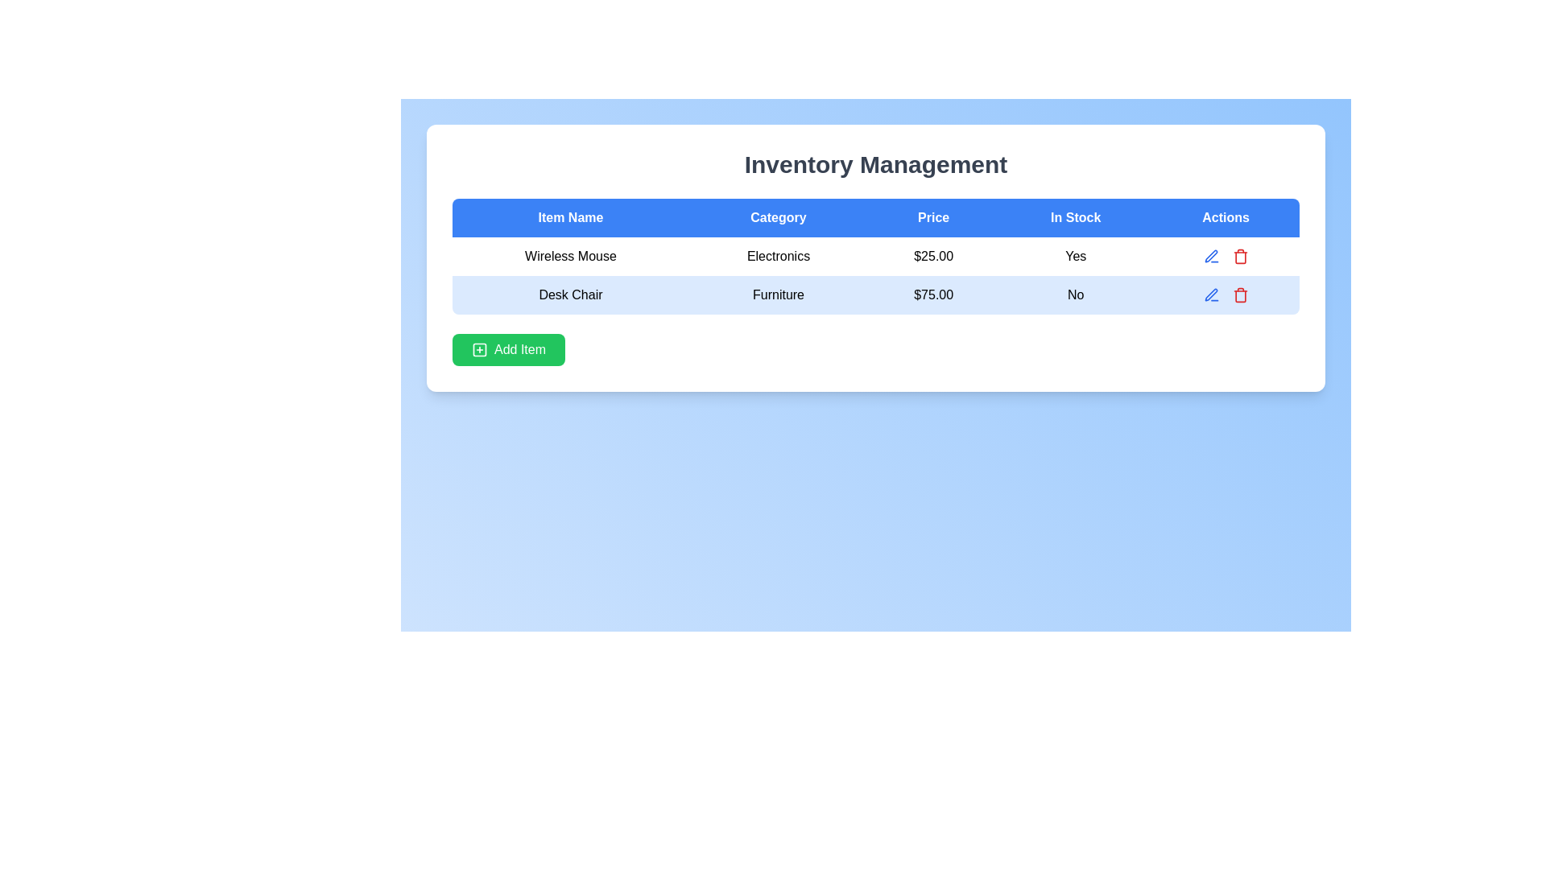  Describe the element at coordinates (1224, 256) in the screenshot. I see `the edit icon located in the first row under the 'Actions' column for the inventory item 'Wireless Mouse'` at that location.